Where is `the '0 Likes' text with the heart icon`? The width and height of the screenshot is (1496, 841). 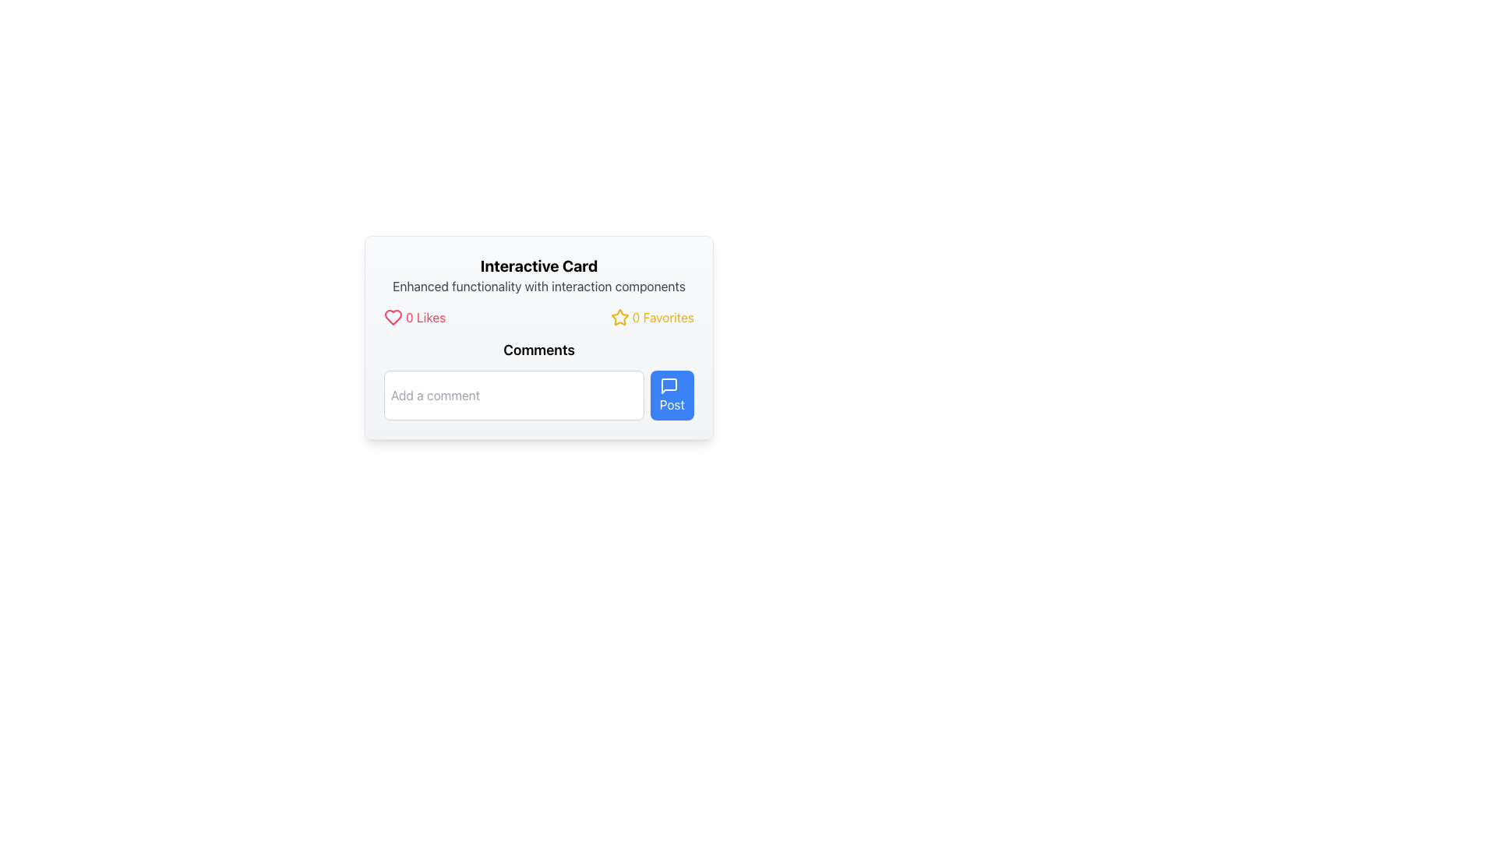
the '0 Likes' text with the heart icon is located at coordinates (415, 317).